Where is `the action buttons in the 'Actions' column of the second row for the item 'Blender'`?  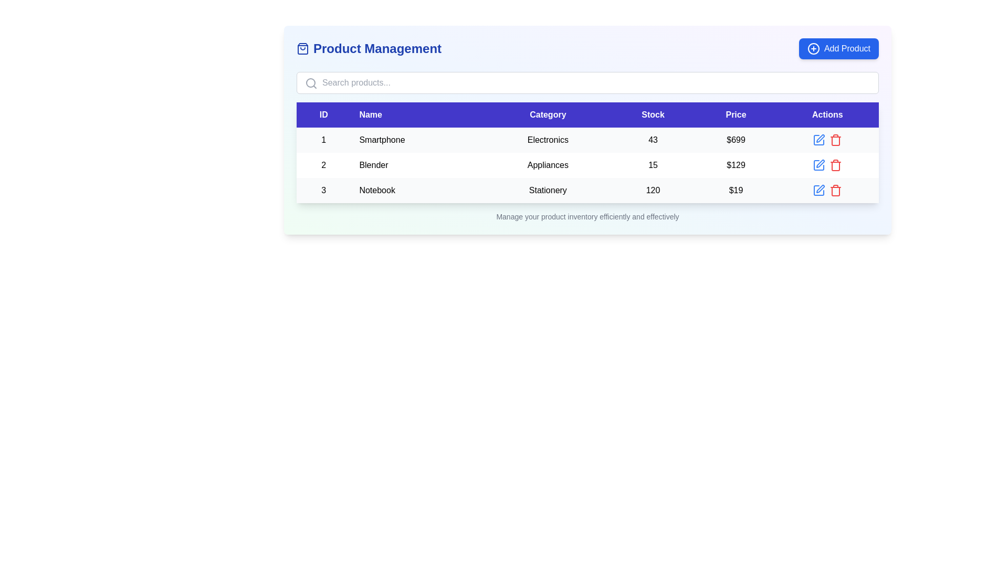 the action buttons in the 'Actions' column of the second row for the item 'Blender' is located at coordinates (827, 165).